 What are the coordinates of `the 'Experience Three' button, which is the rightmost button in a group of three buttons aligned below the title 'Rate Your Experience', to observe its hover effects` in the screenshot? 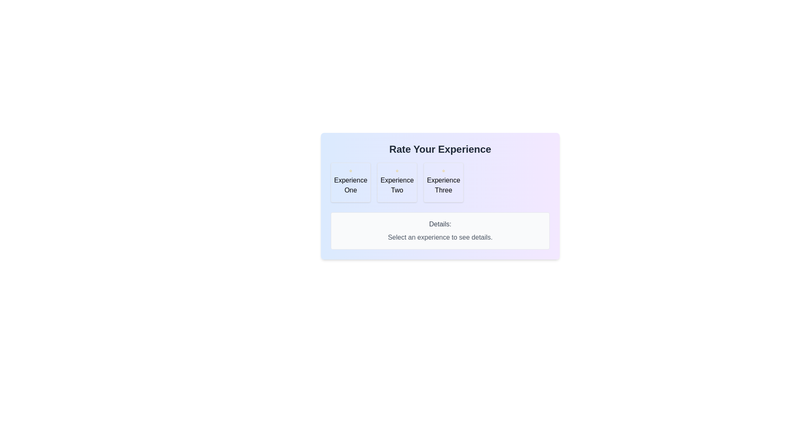 It's located at (439, 196).